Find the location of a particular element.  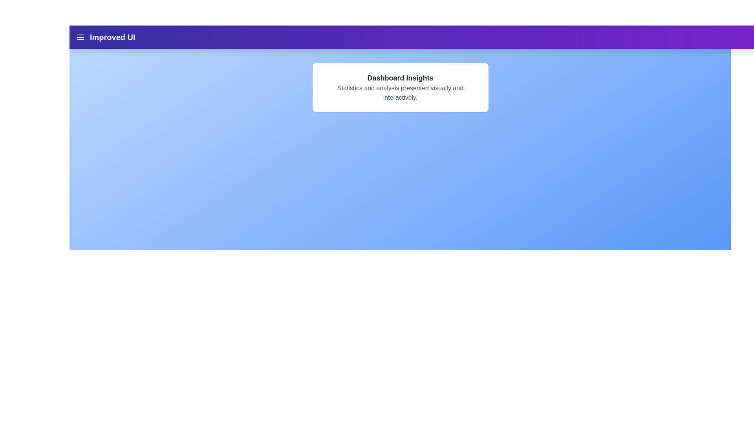

the menu icon to toggle the side menu is located at coordinates (81, 37).